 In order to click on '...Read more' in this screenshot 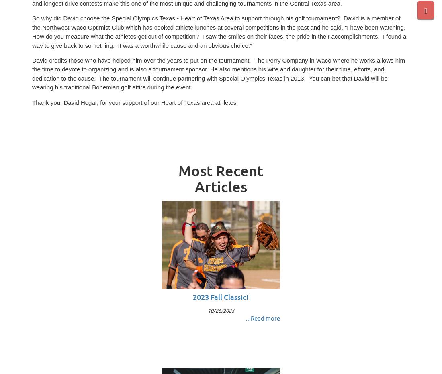, I will do `click(245, 317)`.